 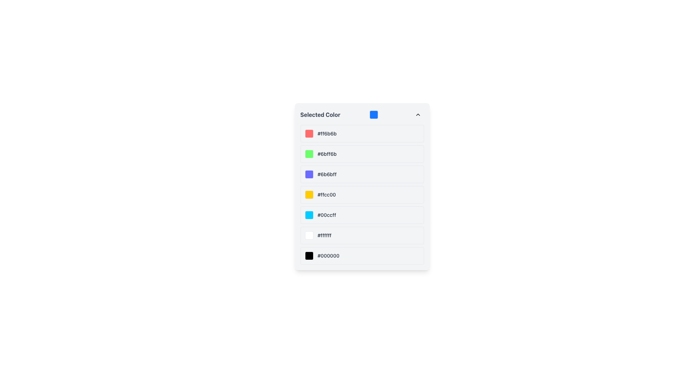 What do you see at coordinates (362, 134) in the screenshot?
I see `the first entry of the interactive list item that contains a red color swatch (#ff6b6b) and its corresponding color code` at bounding box center [362, 134].